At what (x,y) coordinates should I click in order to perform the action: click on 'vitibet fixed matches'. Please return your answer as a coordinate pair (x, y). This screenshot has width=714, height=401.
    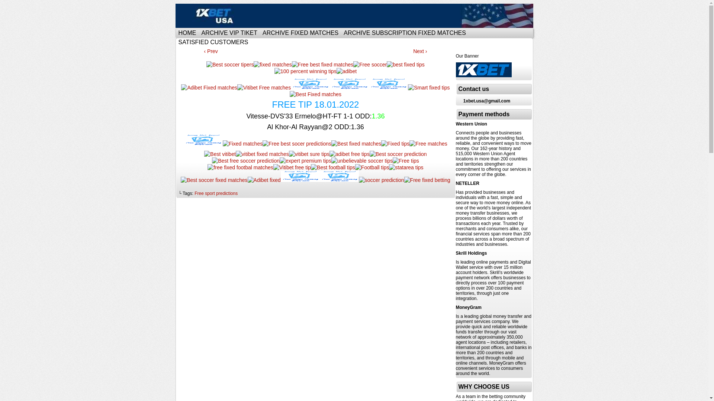
    Looking at the image, I should click on (262, 154).